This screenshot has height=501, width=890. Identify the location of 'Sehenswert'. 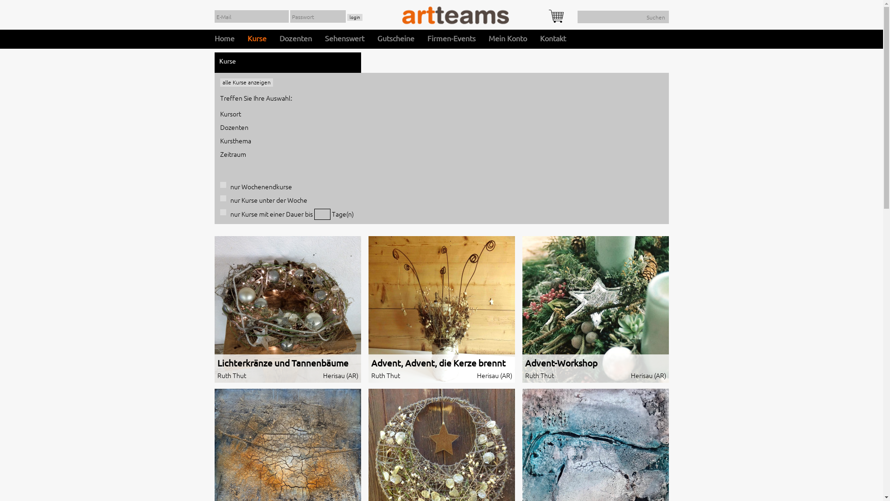
(324, 39).